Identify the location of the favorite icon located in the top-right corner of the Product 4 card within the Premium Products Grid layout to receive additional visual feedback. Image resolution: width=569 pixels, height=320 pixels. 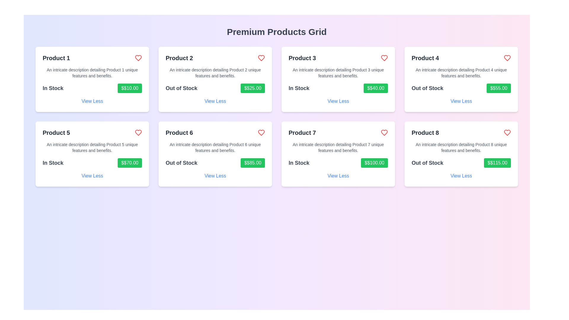
(507, 58).